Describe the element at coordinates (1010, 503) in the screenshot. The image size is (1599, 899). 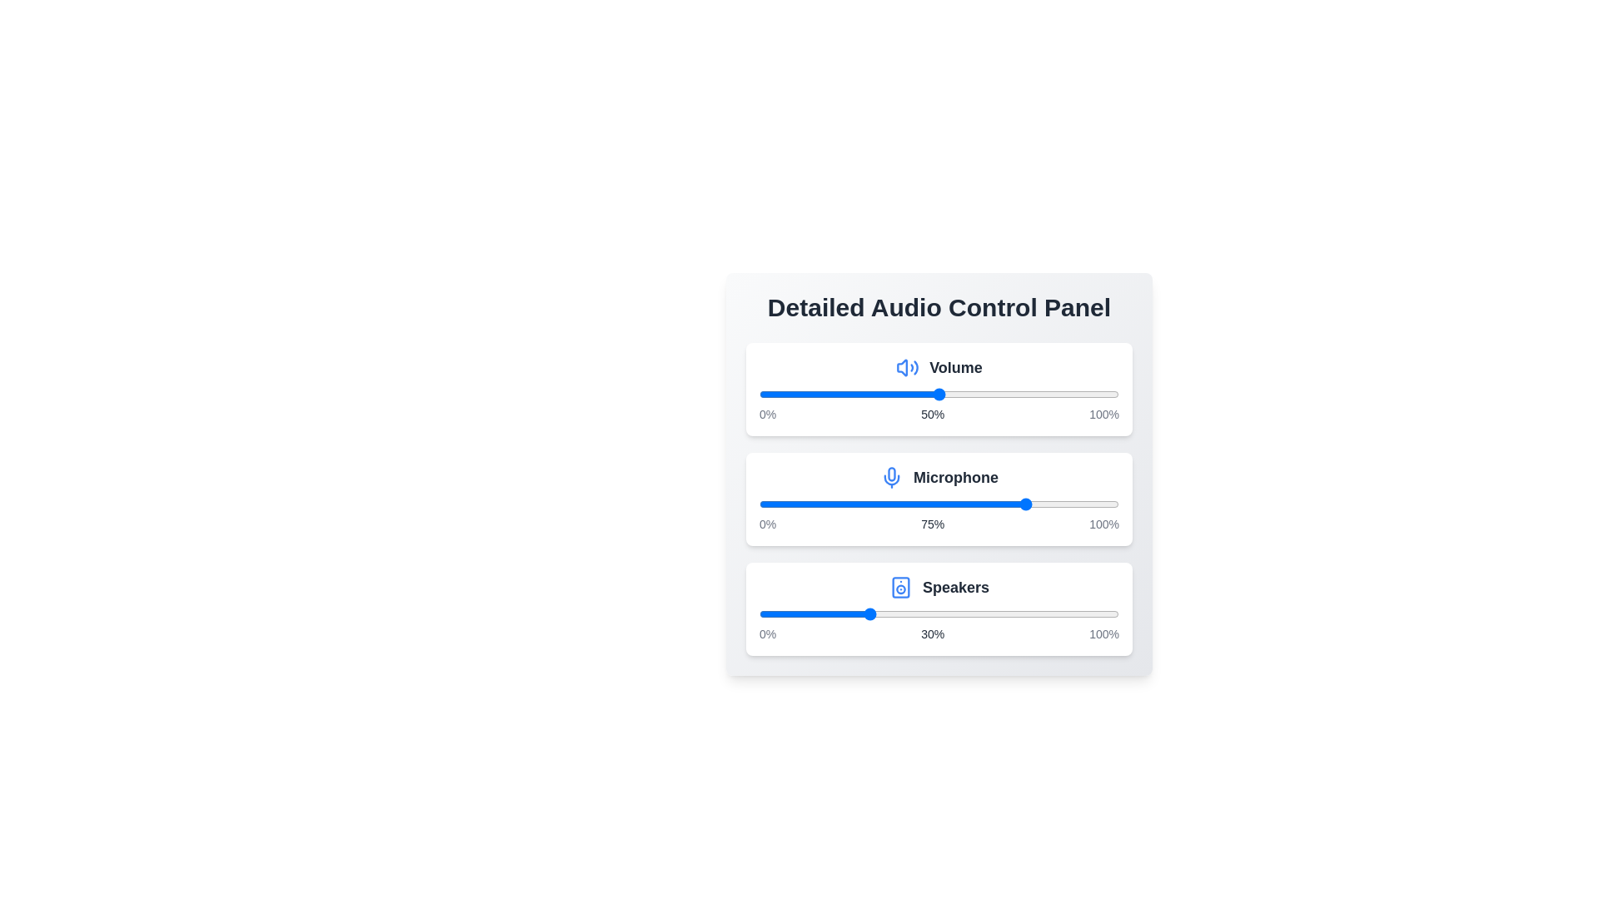
I see `the microphone level slider to 70%` at that location.